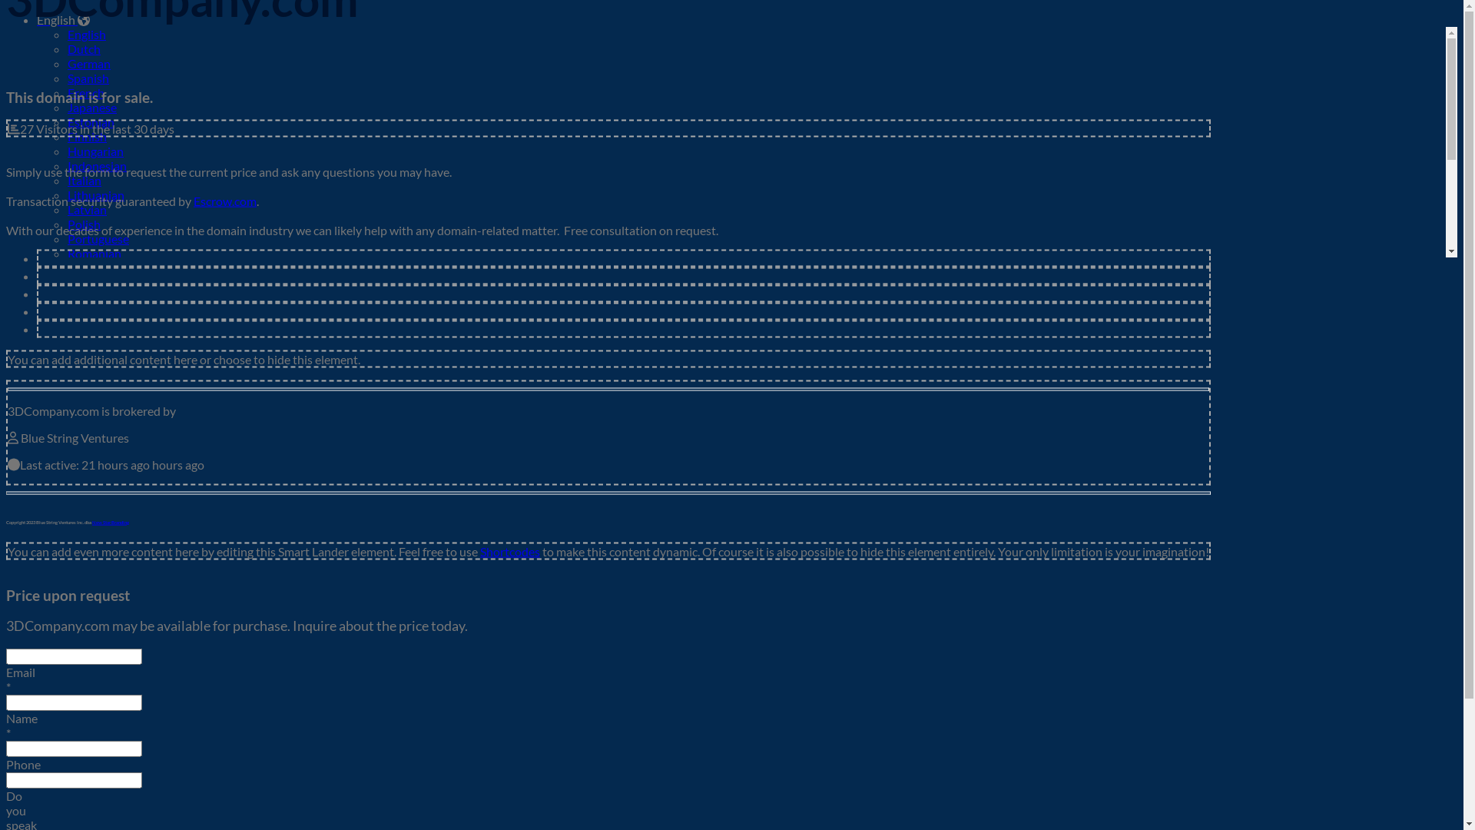 Image resolution: width=1475 pixels, height=830 pixels. Describe the element at coordinates (94, 194) in the screenshot. I see `'Lithuanian'` at that location.